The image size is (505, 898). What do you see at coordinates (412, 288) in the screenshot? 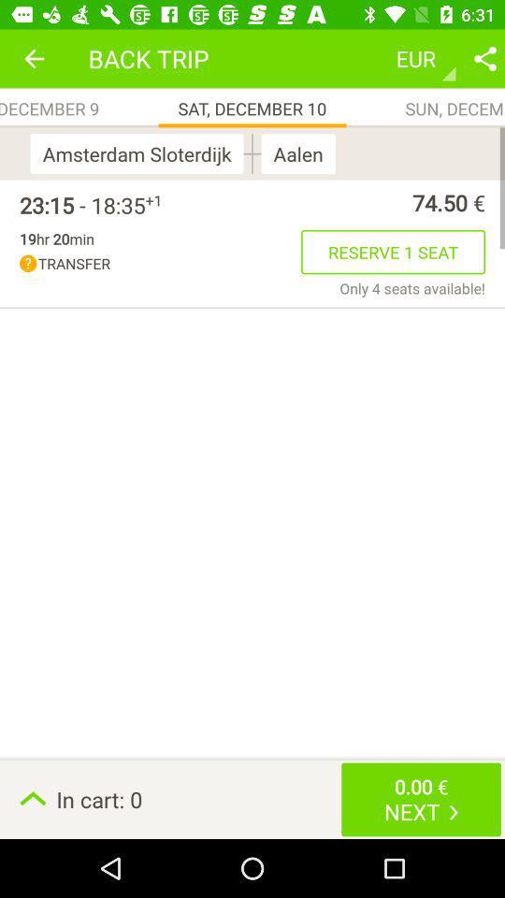
I see `icon next to the transfer` at bounding box center [412, 288].